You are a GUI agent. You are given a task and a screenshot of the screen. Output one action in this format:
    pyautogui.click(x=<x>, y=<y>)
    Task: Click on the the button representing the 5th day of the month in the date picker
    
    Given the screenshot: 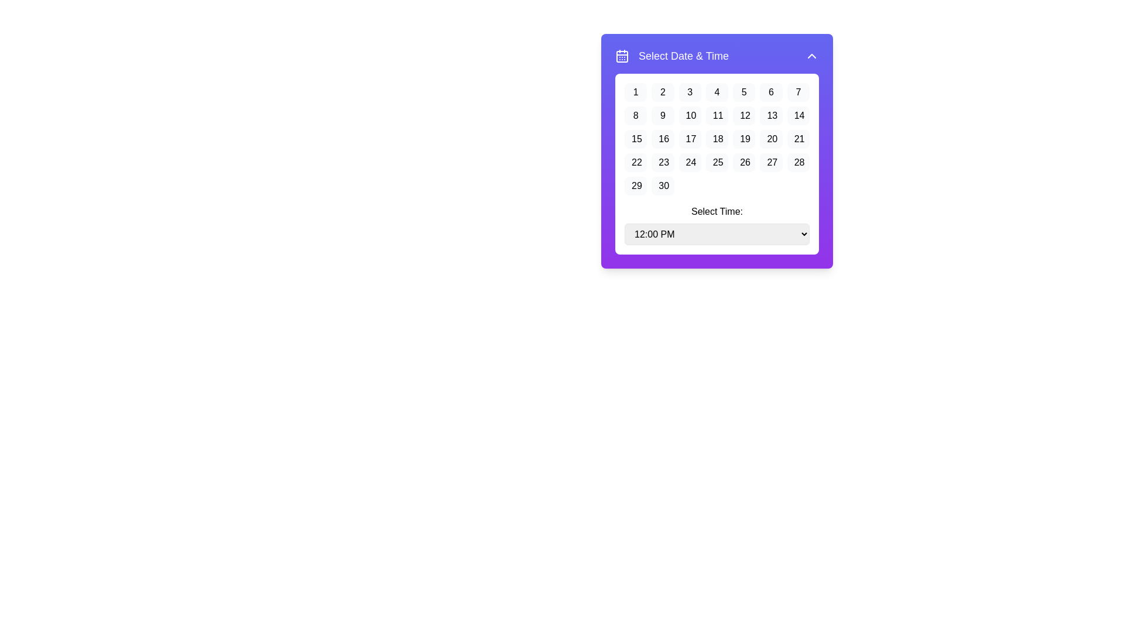 What is the action you would take?
    pyautogui.click(x=743, y=92)
    